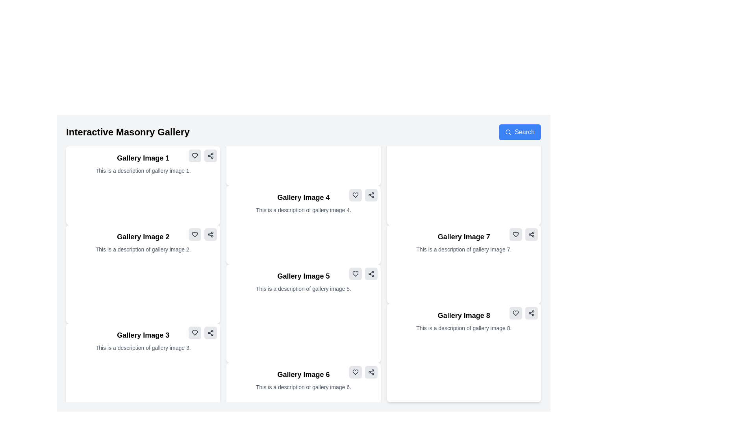 The height and width of the screenshot is (425, 756). Describe the element at coordinates (371, 372) in the screenshot. I see `the share button located in the bottom-right corner of the card labeled 'Gallery Image 6'` at that location.